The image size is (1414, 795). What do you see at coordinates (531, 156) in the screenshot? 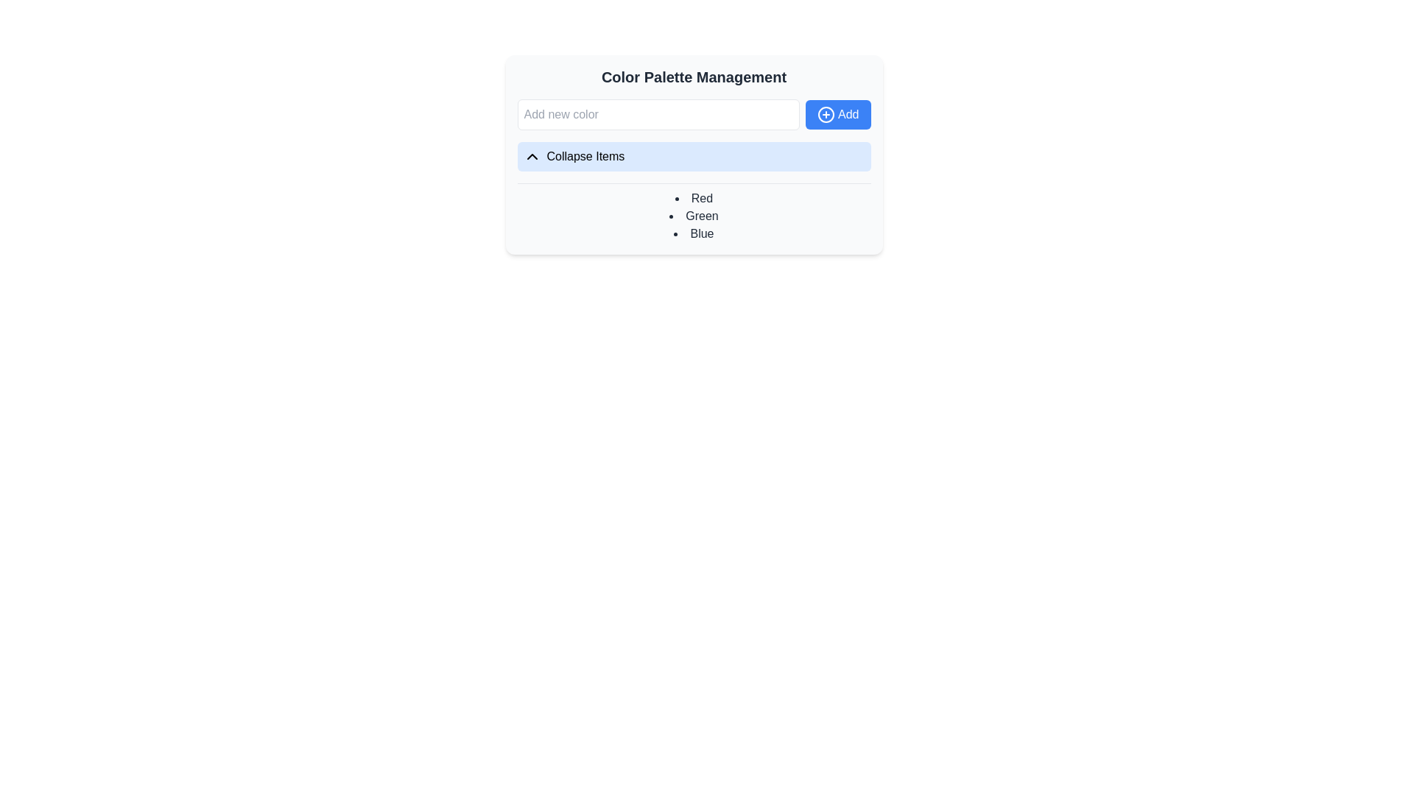
I see `the upward-facing chevron icon within the 'Collapse Items' button` at bounding box center [531, 156].